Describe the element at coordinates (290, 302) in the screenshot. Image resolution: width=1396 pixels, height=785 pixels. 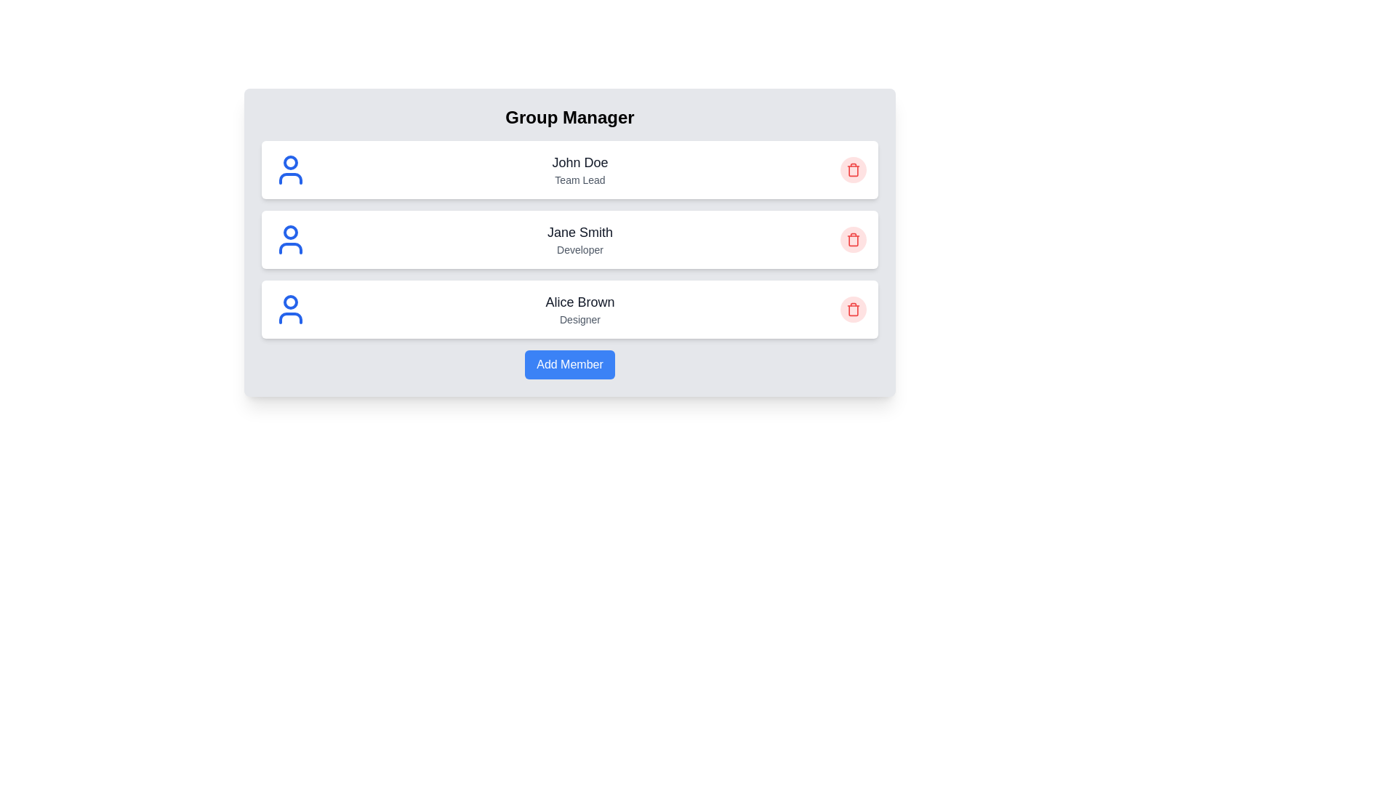
I see `the circular icon representing the user avatar in the third user card from the top in the user group list` at that location.